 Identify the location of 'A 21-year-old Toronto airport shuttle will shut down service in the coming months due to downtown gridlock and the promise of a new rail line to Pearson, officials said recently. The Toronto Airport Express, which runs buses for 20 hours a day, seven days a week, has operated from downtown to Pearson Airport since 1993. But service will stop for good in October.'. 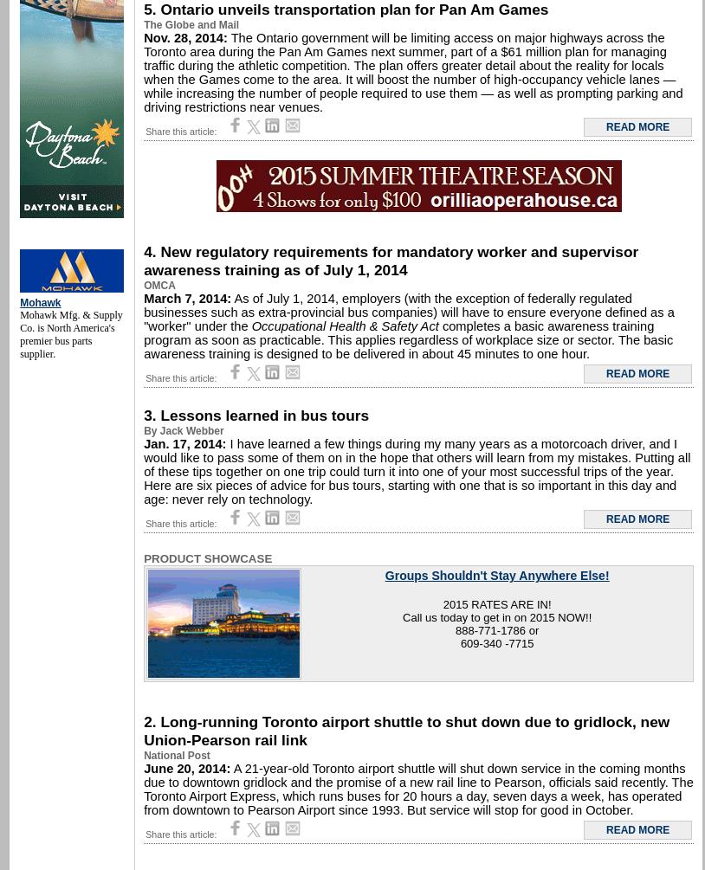
(417, 789).